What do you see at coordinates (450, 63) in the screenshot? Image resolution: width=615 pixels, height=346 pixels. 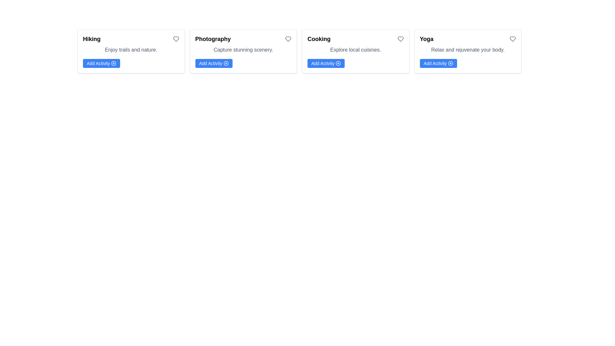 I see `the Decorative Icon that emphasizes the 'Add Activity' action within the Yoga card, which is the fourth card in a horizontal list of activity cards` at bounding box center [450, 63].